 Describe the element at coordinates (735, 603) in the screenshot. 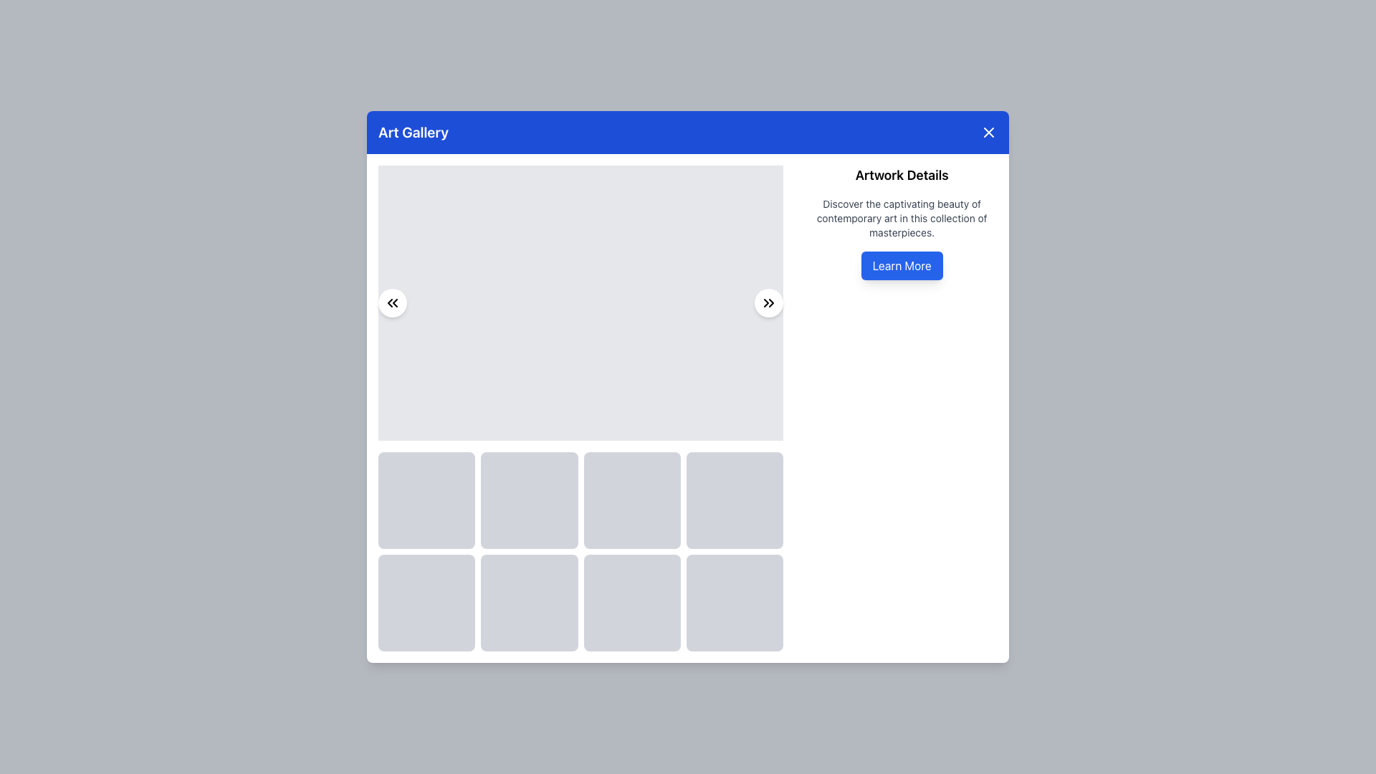

I see `the last square in the second row of a grid layout, which is styled with a gray color (bg-gray-300) and has a minimalist design` at that location.